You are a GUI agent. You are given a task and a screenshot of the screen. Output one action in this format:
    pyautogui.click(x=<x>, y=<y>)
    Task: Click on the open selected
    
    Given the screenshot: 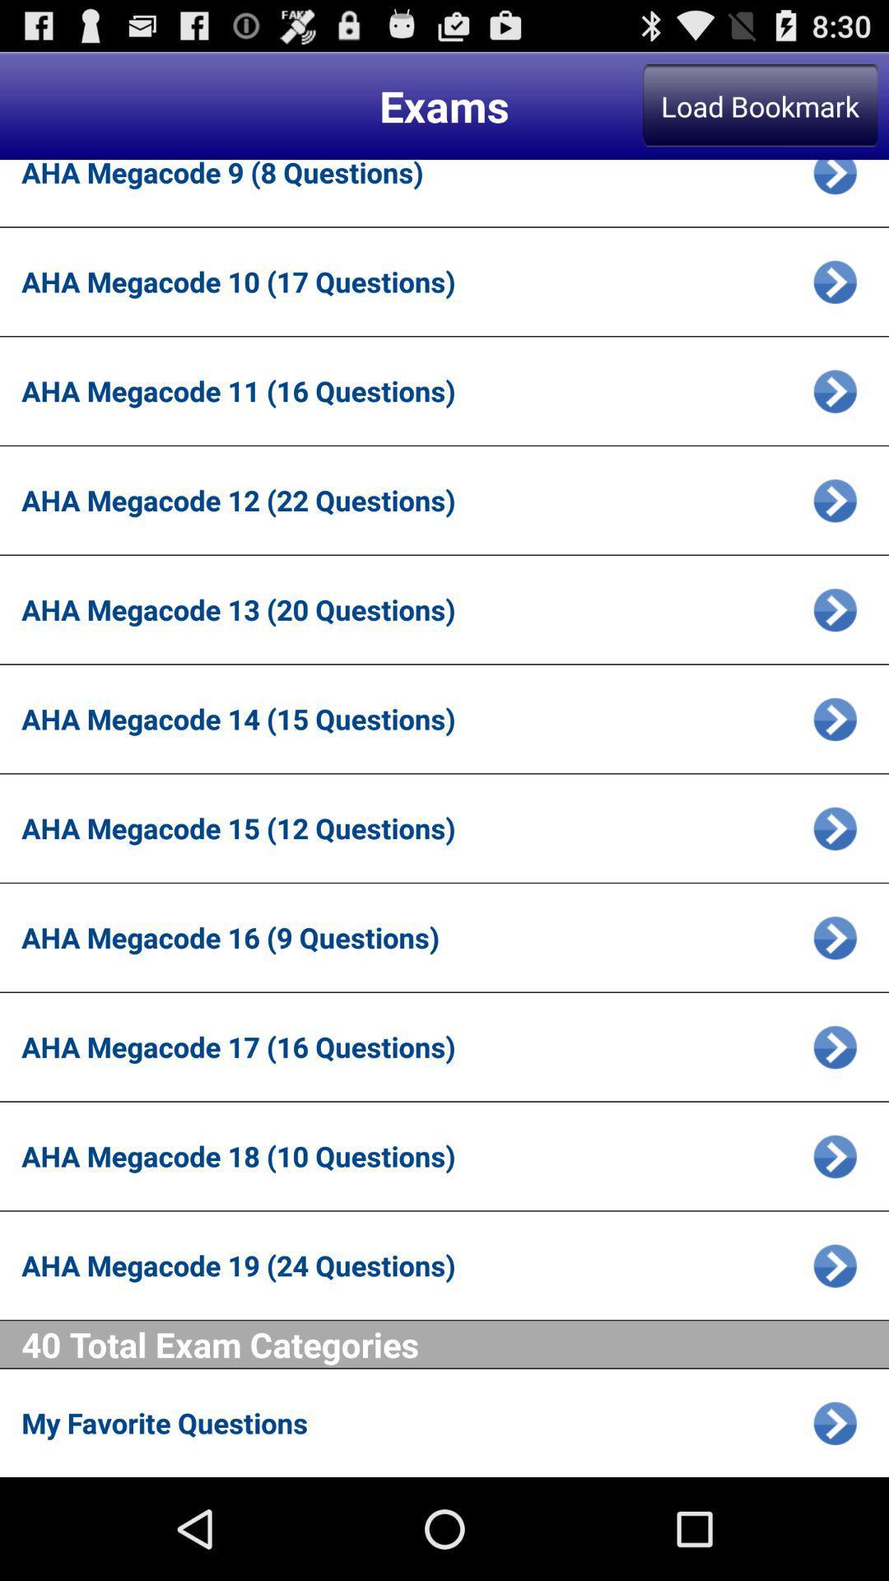 What is the action you would take?
    pyautogui.click(x=835, y=1422)
    